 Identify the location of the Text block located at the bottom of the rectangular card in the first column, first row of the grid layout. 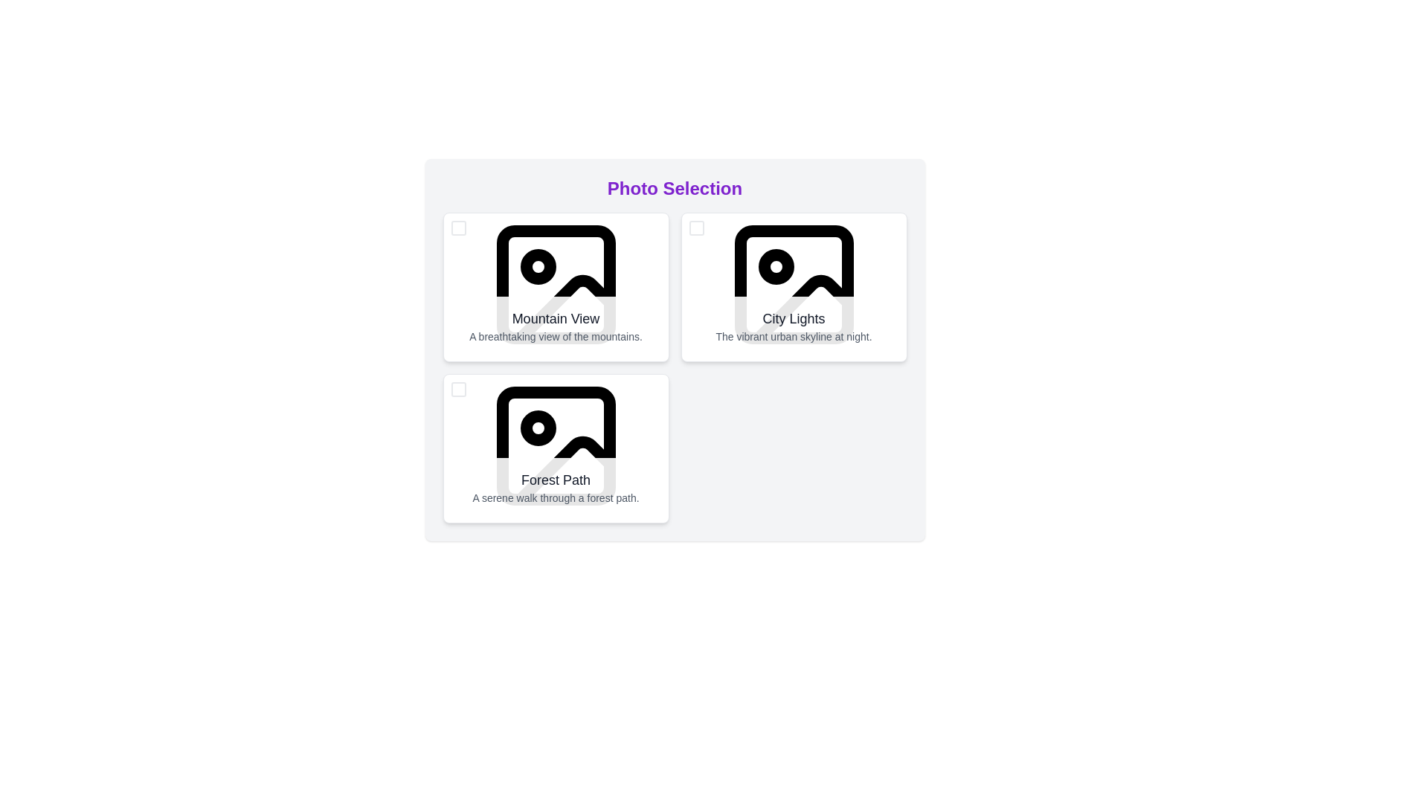
(555, 326).